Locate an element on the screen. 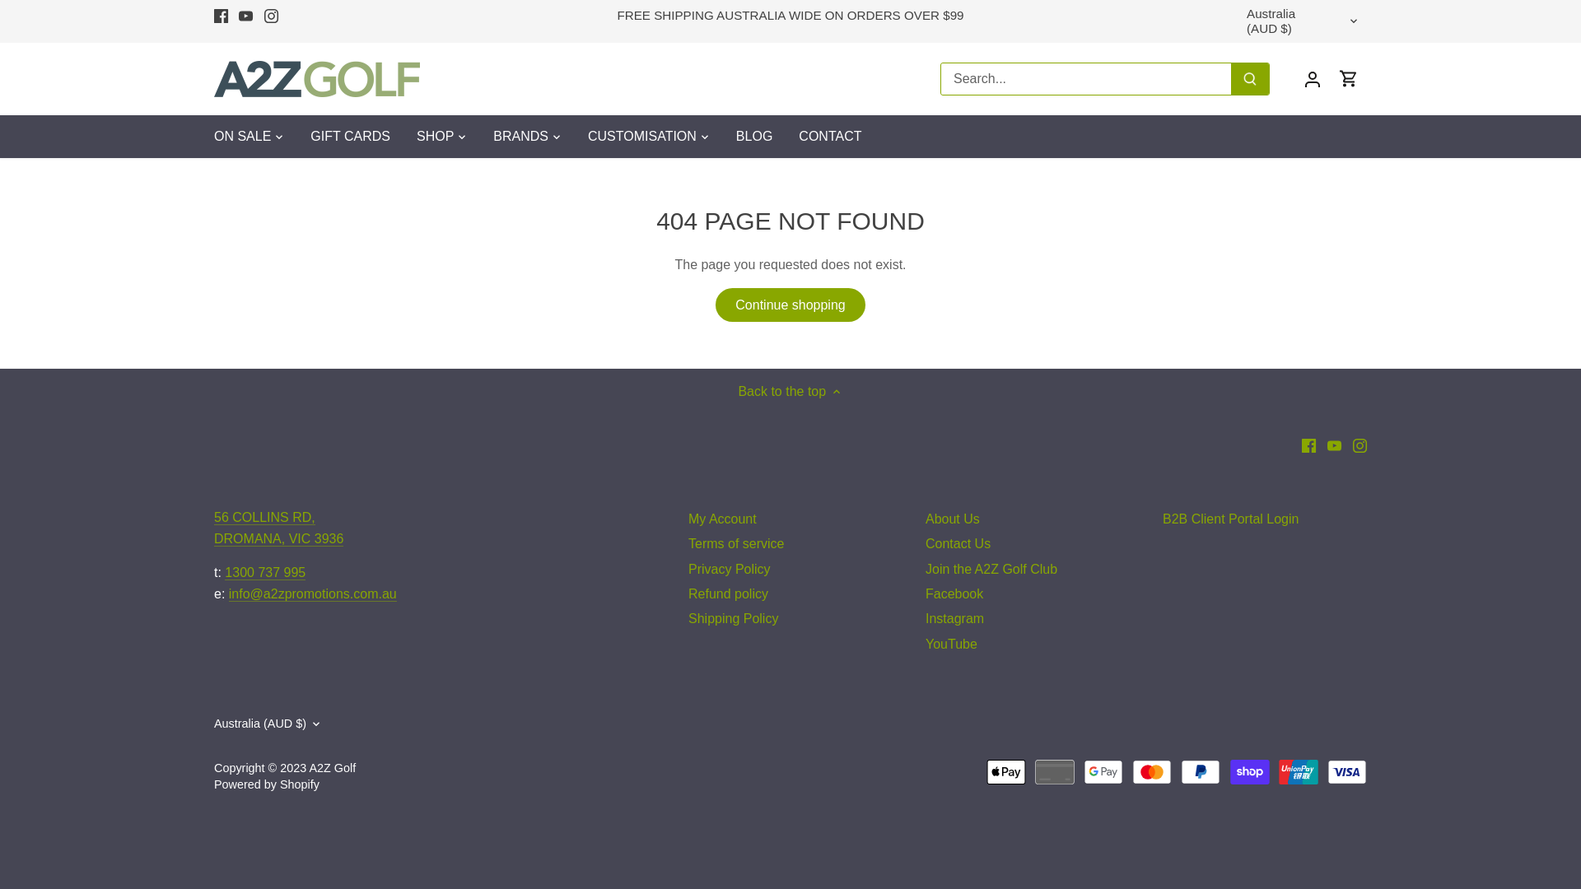 Image resolution: width=1581 pixels, height=889 pixels. 'BRANDS' is located at coordinates (520, 136).